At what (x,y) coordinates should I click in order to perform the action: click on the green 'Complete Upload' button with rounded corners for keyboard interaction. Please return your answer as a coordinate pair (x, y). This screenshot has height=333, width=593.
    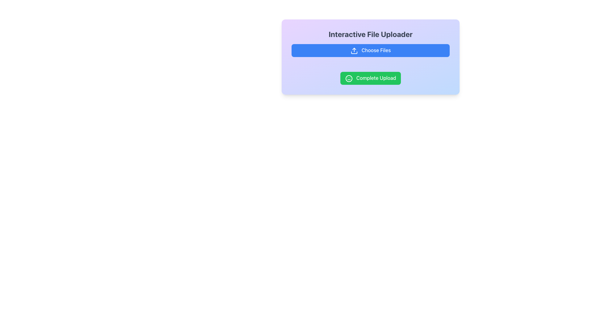
    Looking at the image, I should click on (371, 78).